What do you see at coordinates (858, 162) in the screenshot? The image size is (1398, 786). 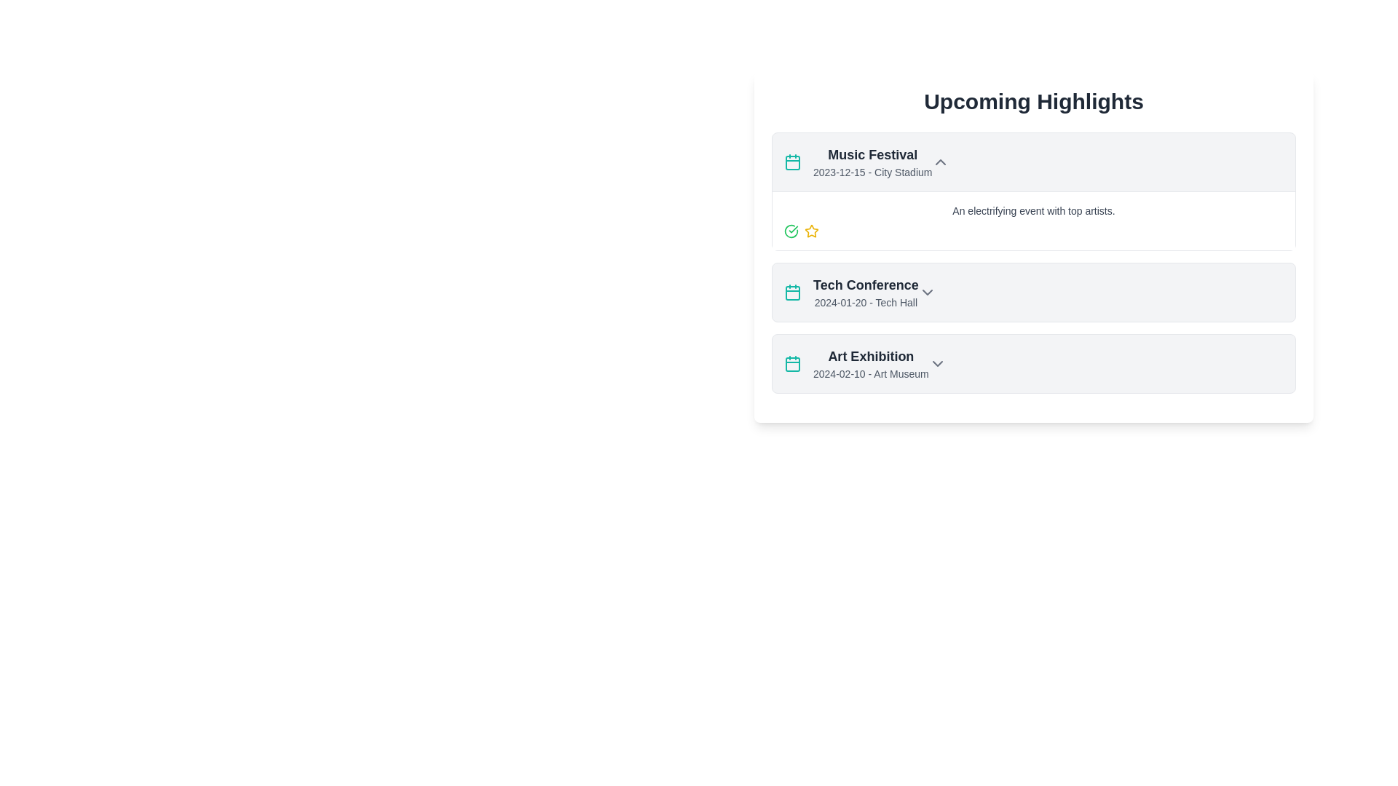 I see `the 'Music Festival' event information display component, which features bold text and a calendar icon to the left, located at the top of the upcoming events list` at bounding box center [858, 162].